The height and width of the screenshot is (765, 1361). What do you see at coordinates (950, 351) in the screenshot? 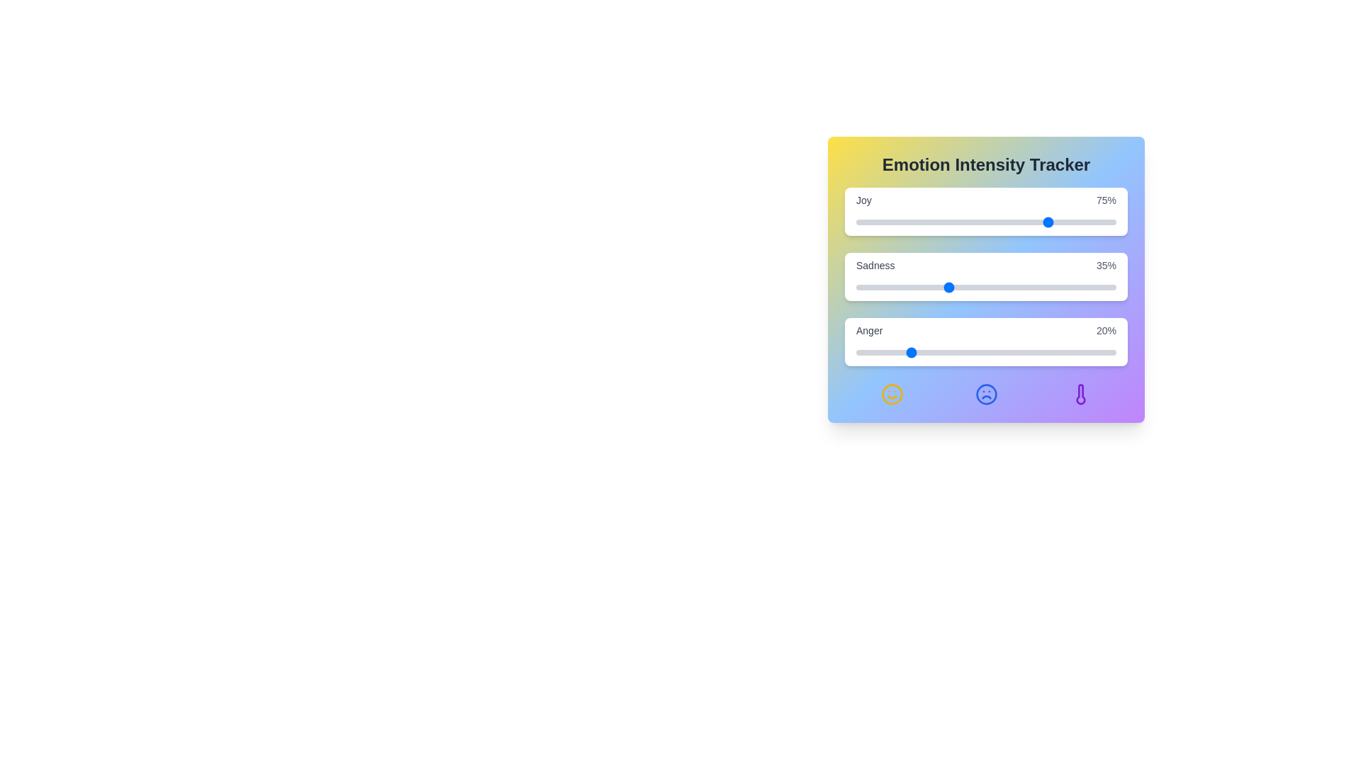
I see `the 'Anger' slider to set its intensity to 36%` at bounding box center [950, 351].